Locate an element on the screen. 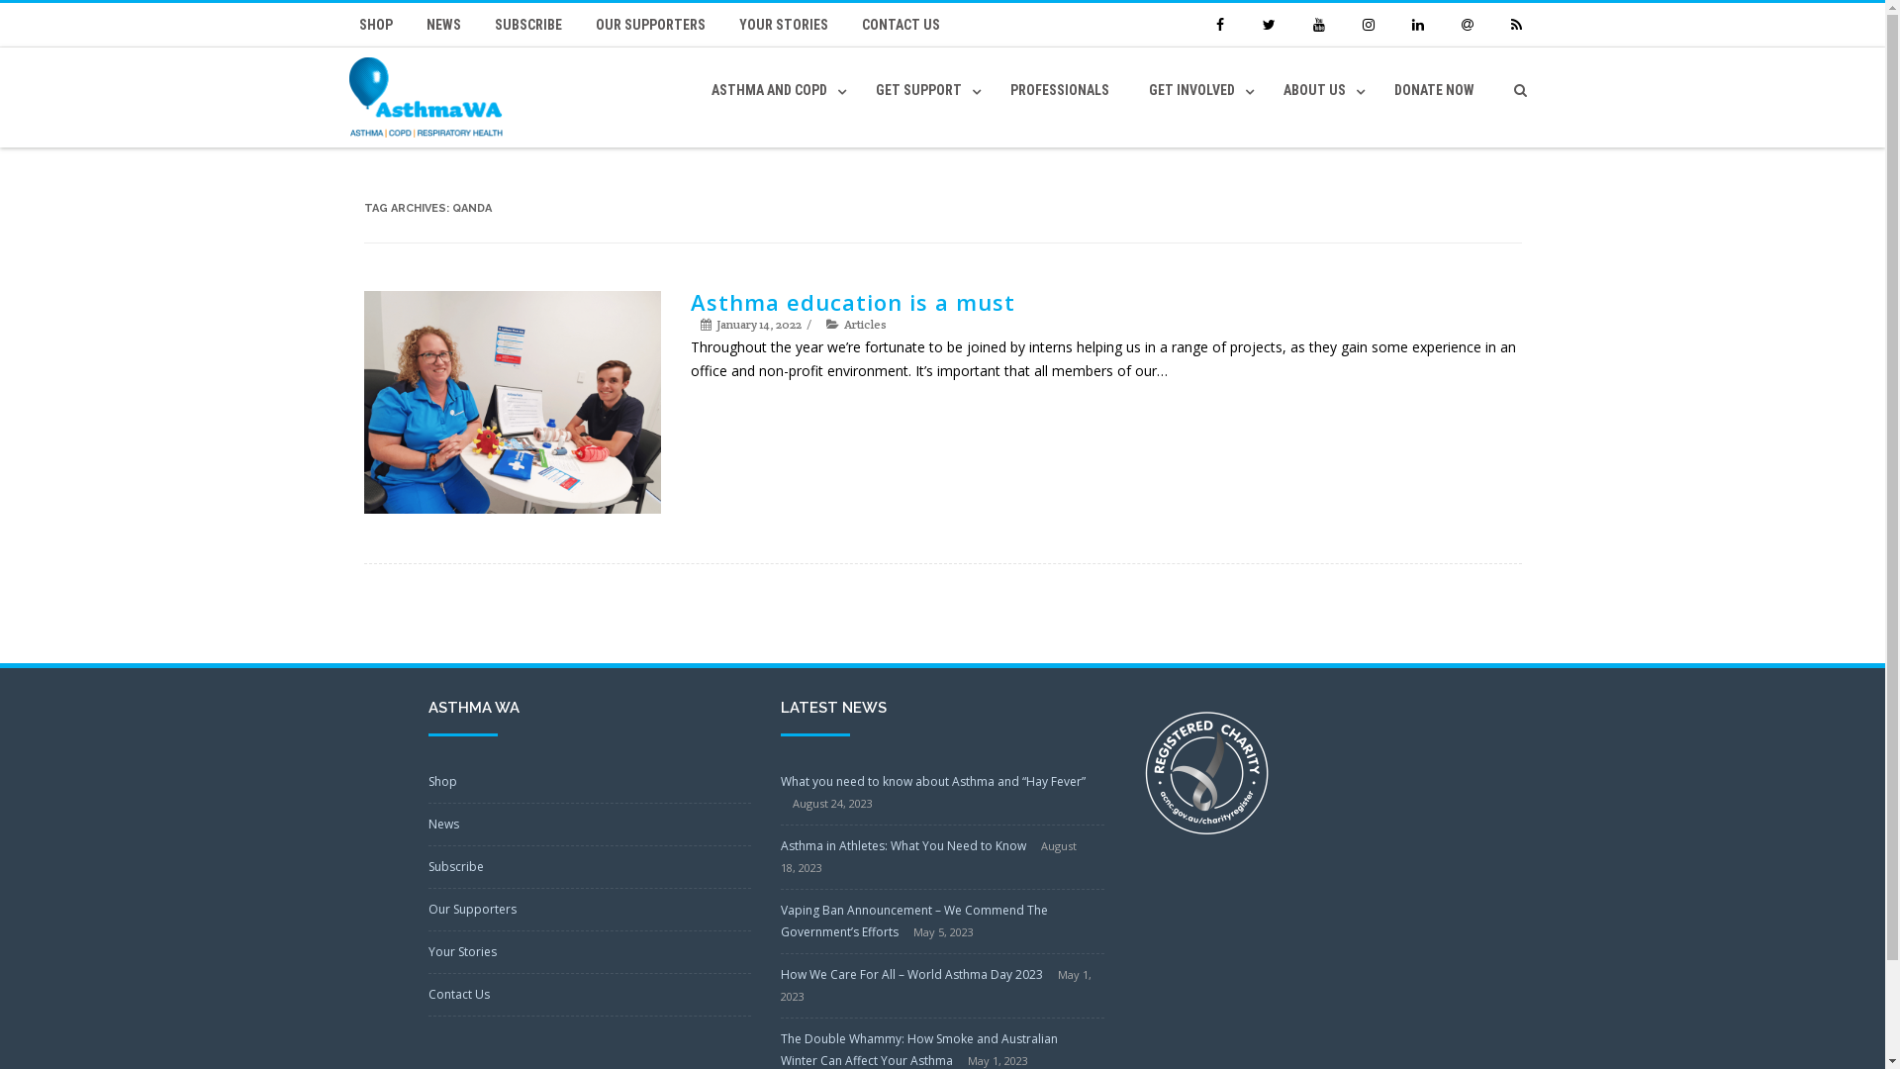 The height and width of the screenshot is (1069, 1900). 'Your Stories' is located at coordinates (460, 950).